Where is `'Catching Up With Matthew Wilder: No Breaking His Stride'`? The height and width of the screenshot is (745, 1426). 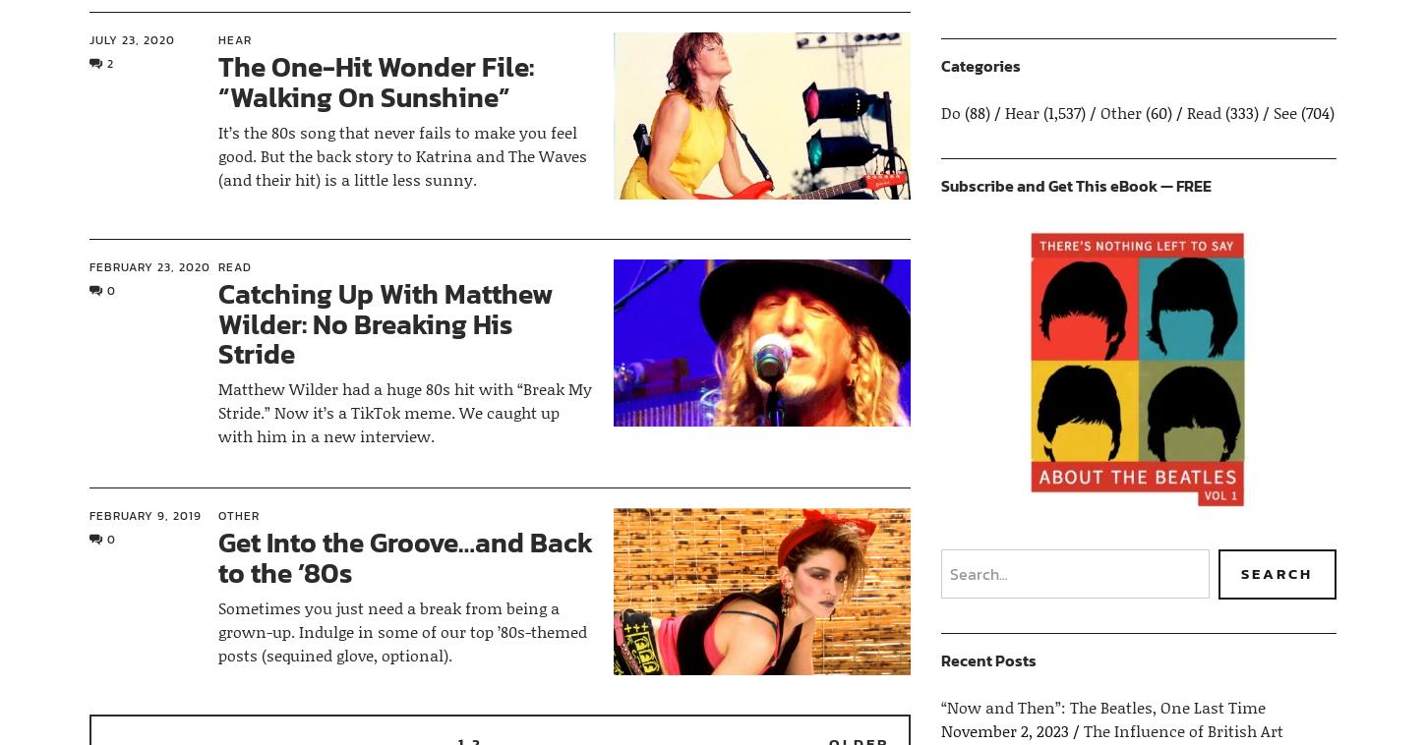
'Catching Up With Matthew Wilder: No Breaking His Stride' is located at coordinates (384, 322).